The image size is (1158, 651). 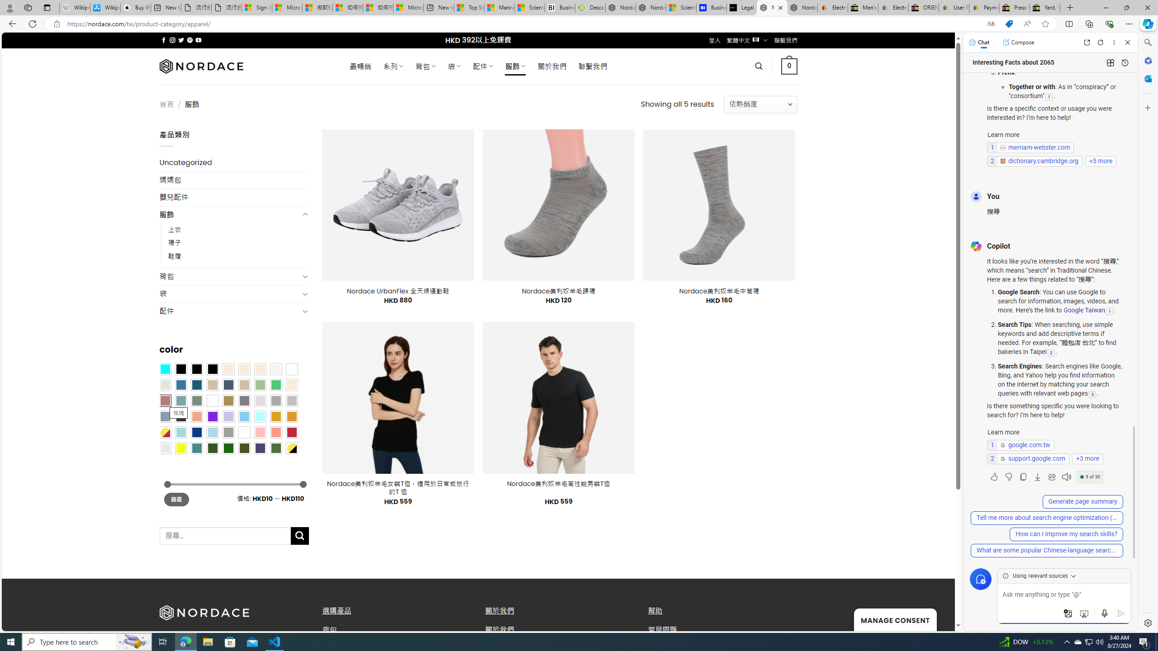 I want to click on 'Dull Nickle', so click(x=166, y=447).